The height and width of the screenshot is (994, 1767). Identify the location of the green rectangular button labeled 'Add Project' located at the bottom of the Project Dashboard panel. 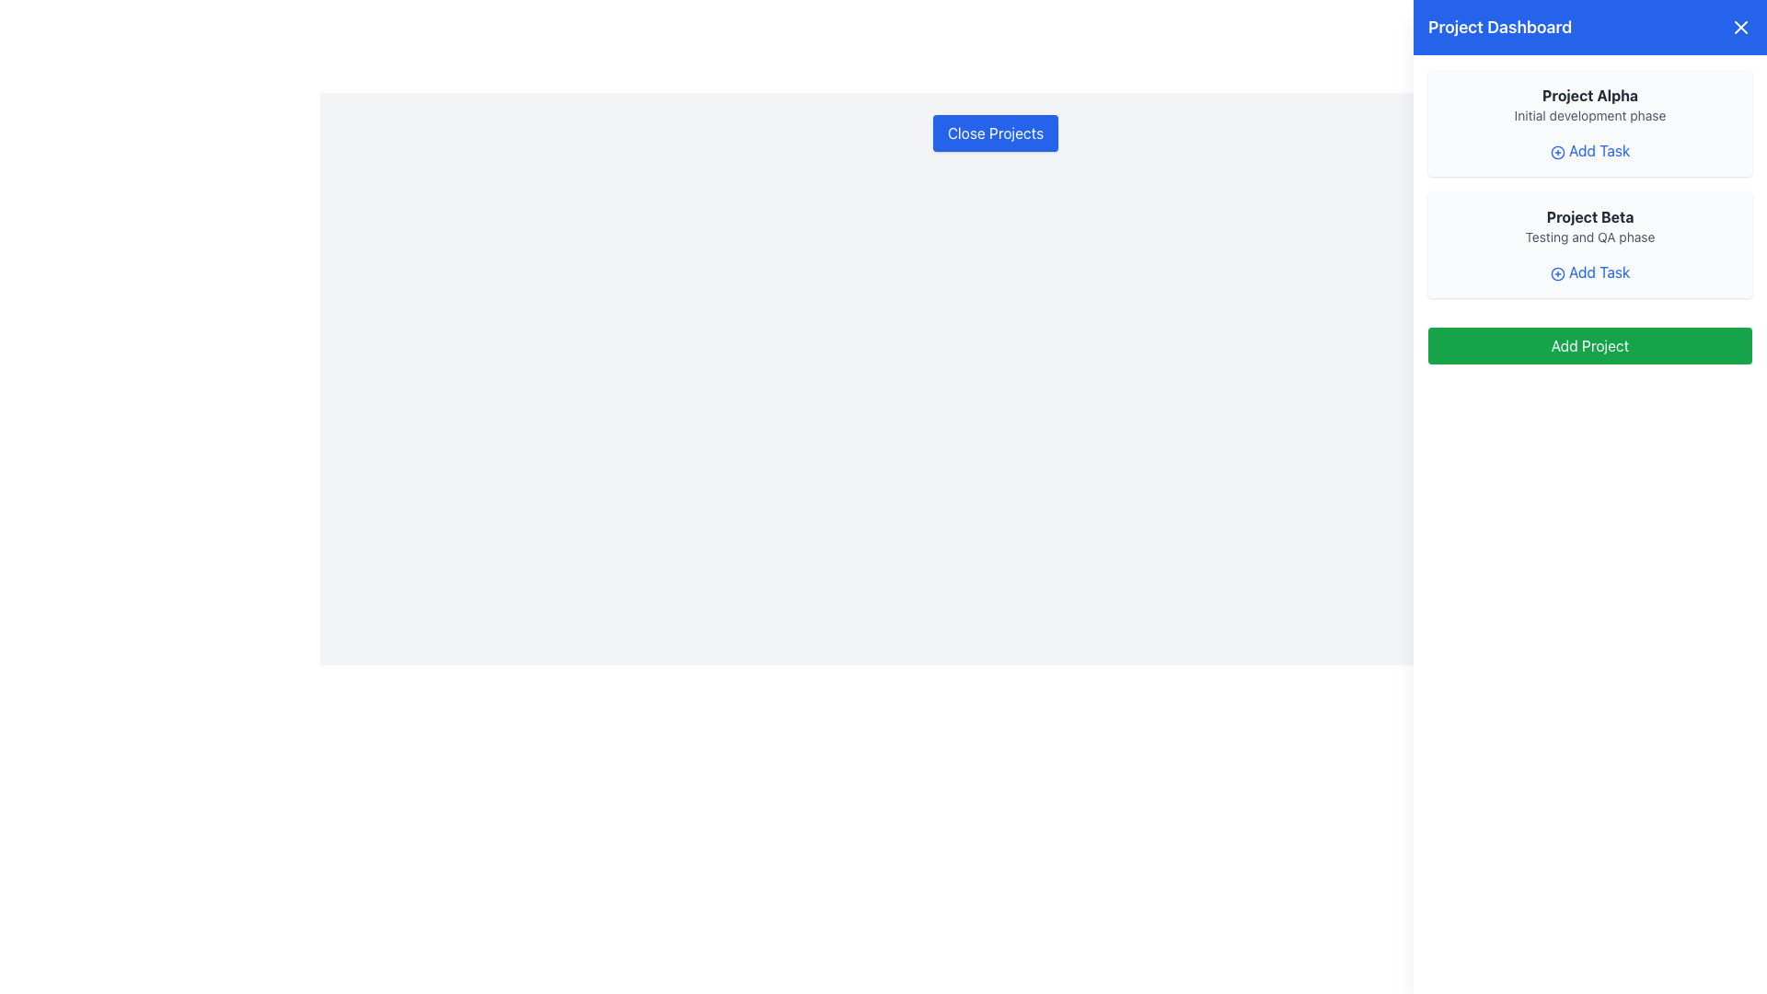
(1589, 345).